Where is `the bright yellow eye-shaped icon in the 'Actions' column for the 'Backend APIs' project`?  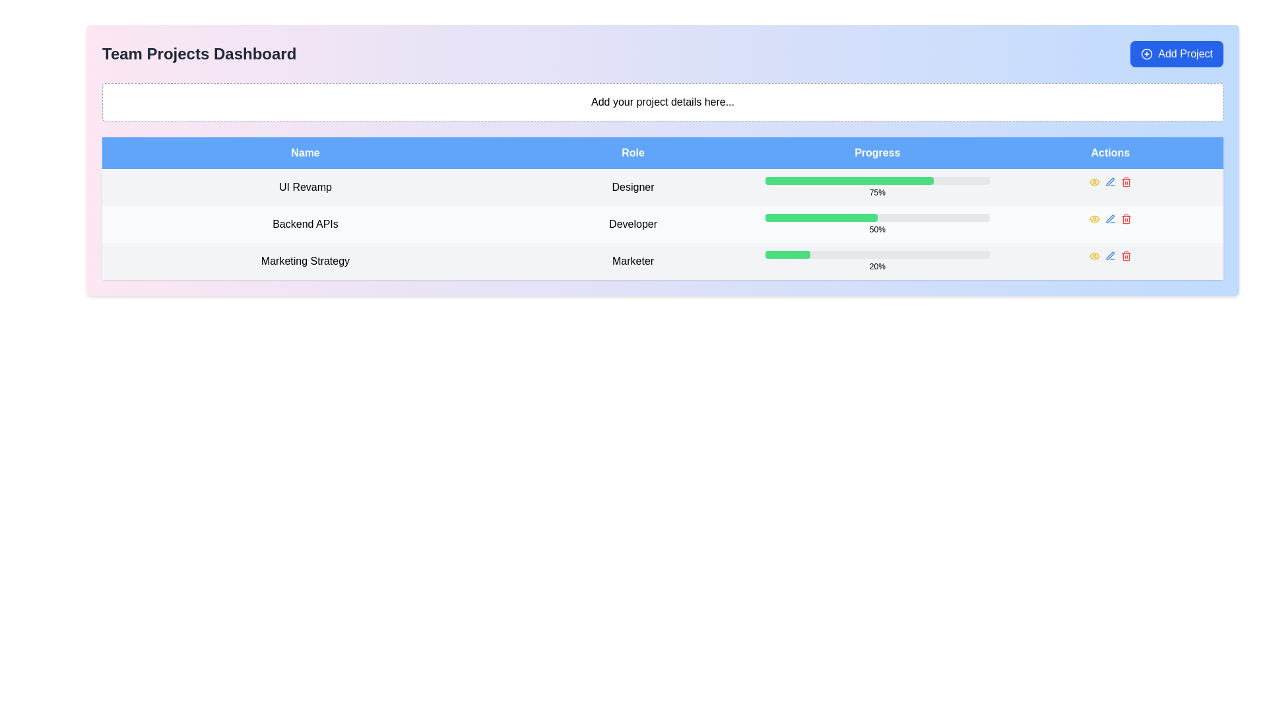
the bright yellow eye-shaped icon in the 'Actions' column for the 'Backend APIs' project is located at coordinates (1094, 256).